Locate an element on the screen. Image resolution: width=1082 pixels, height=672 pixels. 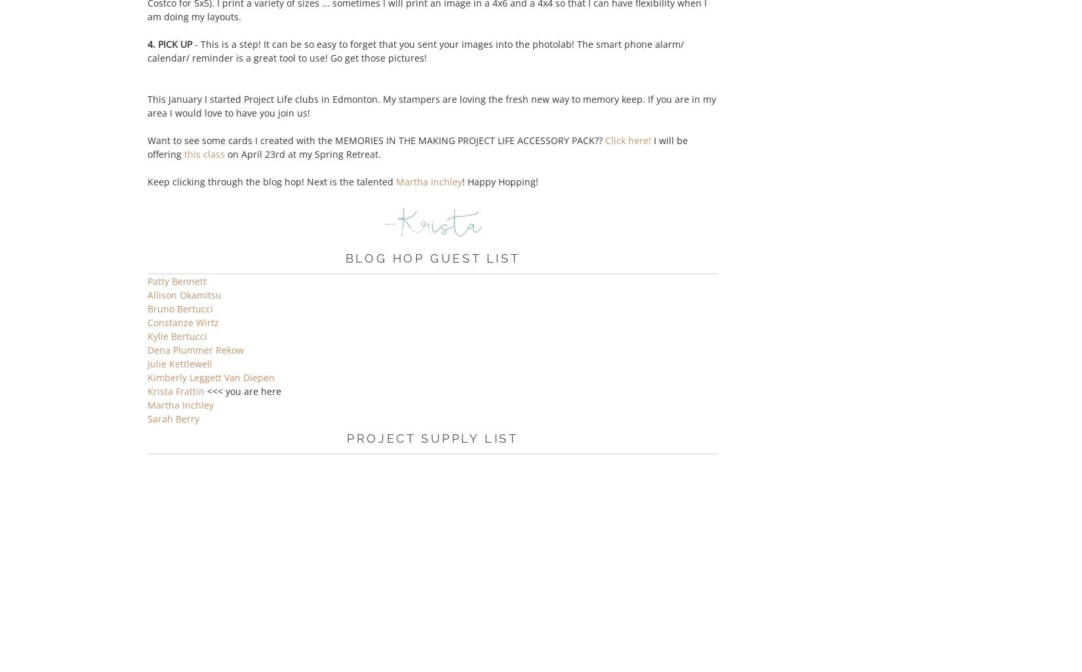
'Constanze Wirtz' is located at coordinates (183, 322).